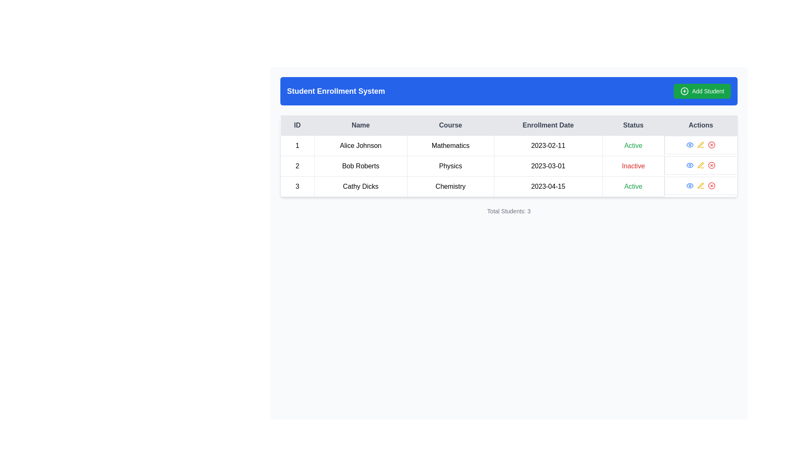 The image size is (801, 450). What do you see at coordinates (548, 186) in the screenshot?
I see `the static text field displaying the date '2023-04-15' in the fourth column (Enrollment Date) of the third row associated with 'Cathy Dicks' in the table` at bounding box center [548, 186].